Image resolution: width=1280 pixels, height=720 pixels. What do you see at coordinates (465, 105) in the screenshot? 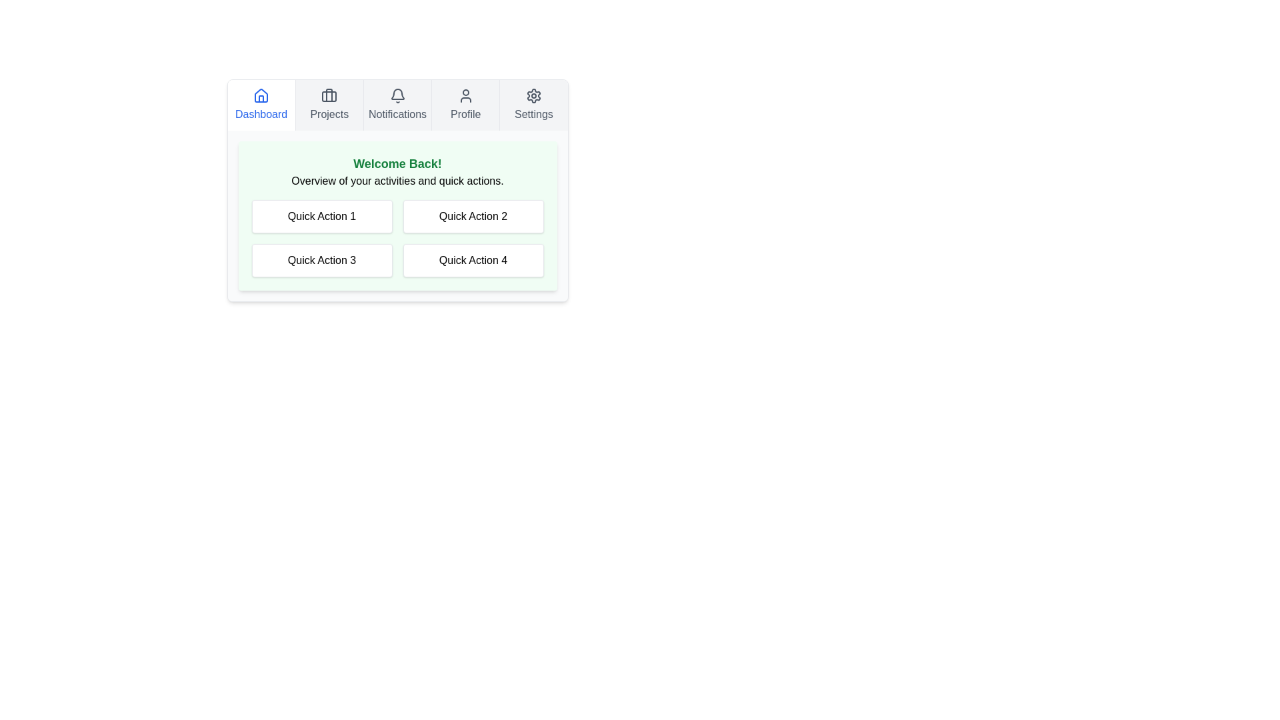
I see `the 'Profile' navigation button which is gray with a user icon and the text 'Profile' below it, located between the 'Notifications' and 'Settings' buttons` at bounding box center [465, 105].